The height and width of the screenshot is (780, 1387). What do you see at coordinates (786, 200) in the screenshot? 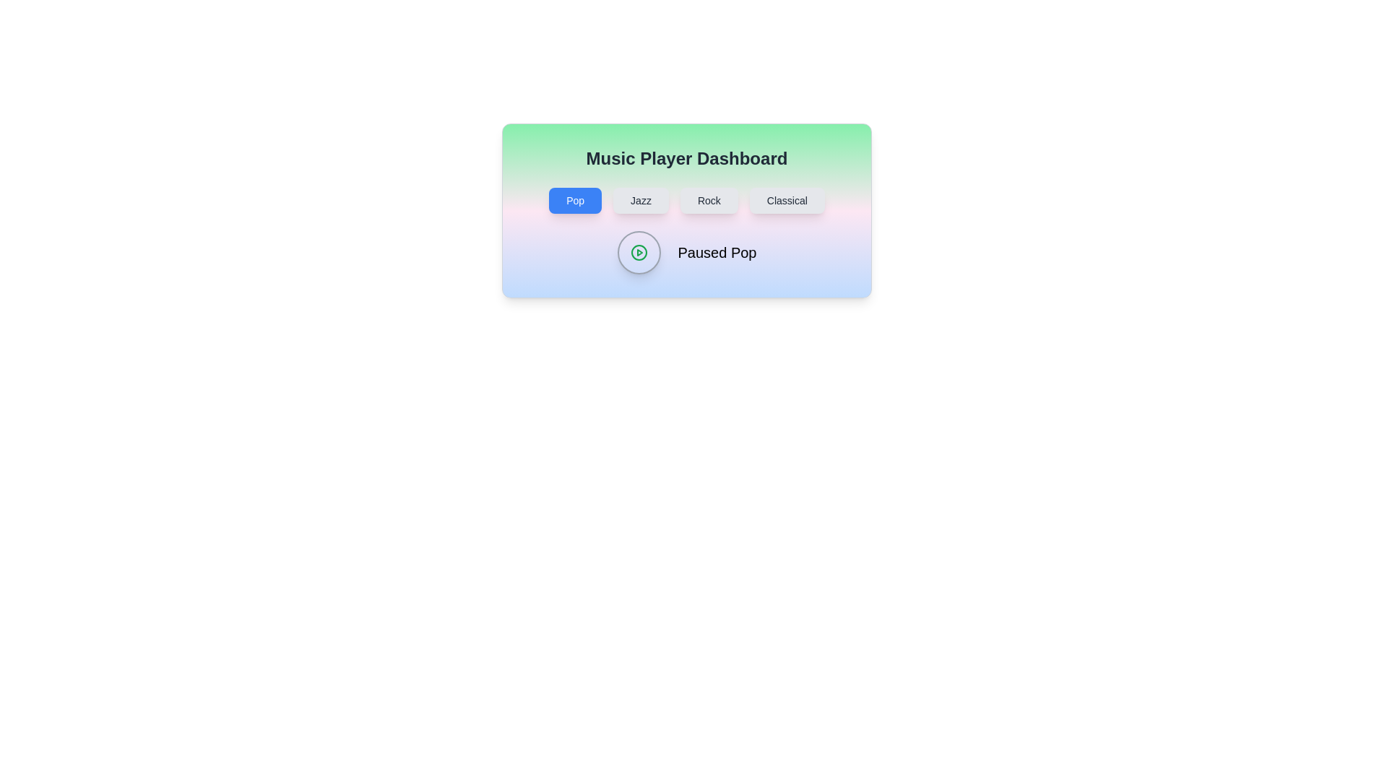
I see `the button corresponding to the genre Classical to select it` at bounding box center [786, 200].